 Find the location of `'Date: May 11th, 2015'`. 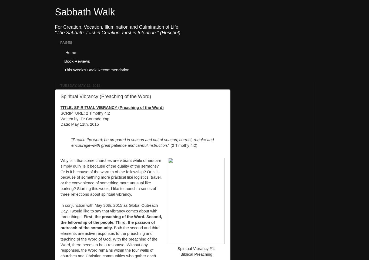

'Date: May 11th, 2015' is located at coordinates (60, 124).